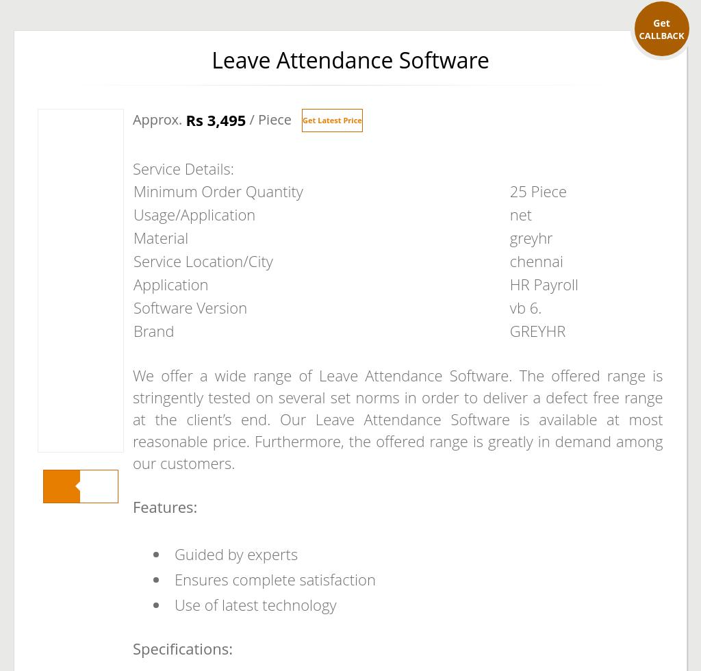 The width and height of the screenshot is (701, 671). I want to click on 'greyhr', so click(531, 238).